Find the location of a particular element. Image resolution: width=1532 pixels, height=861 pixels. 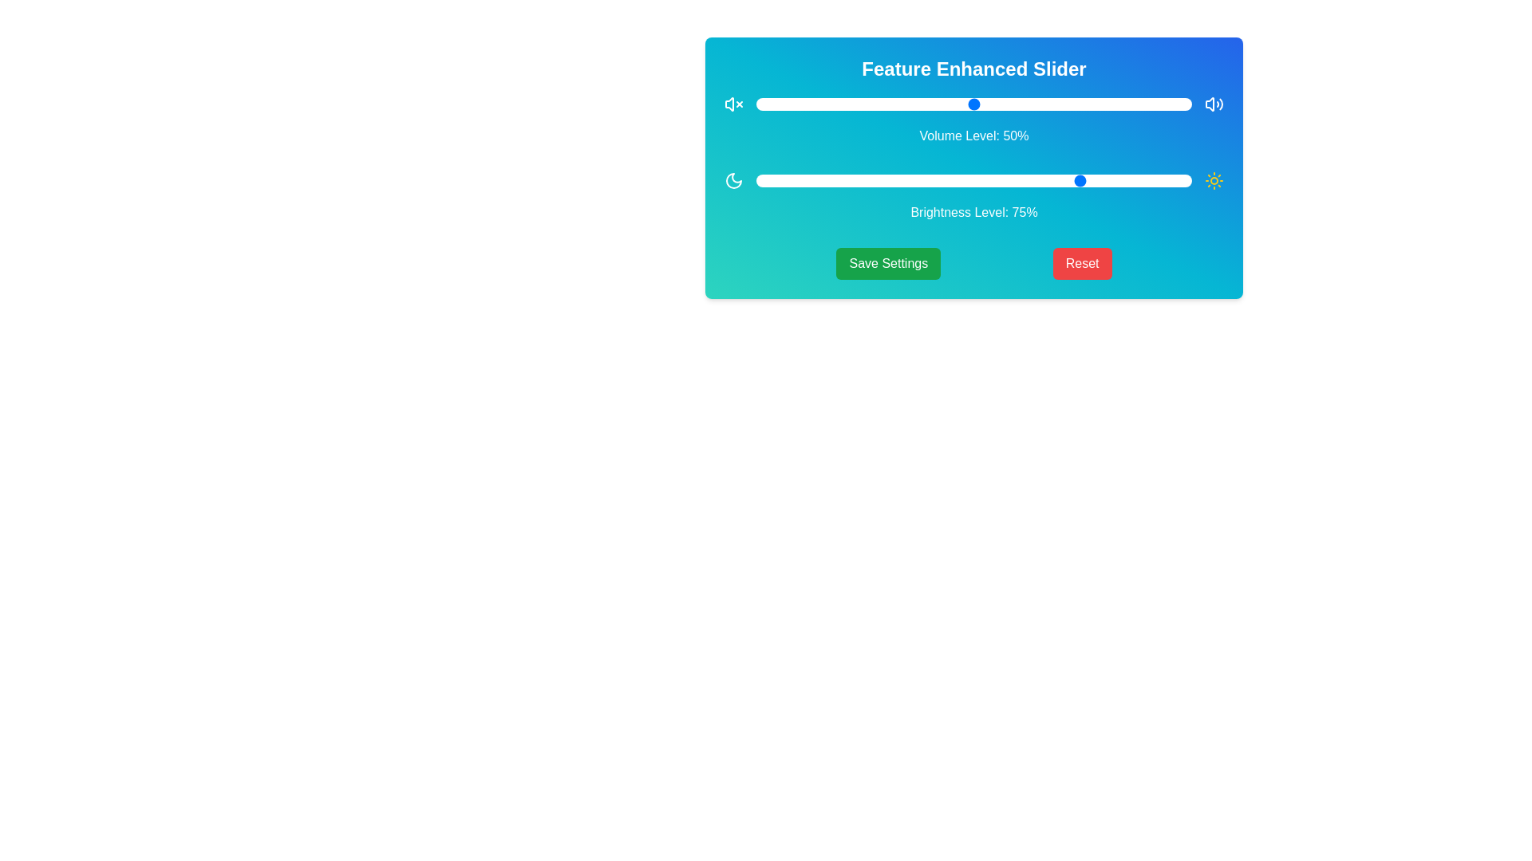

volume is located at coordinates (760, 104).